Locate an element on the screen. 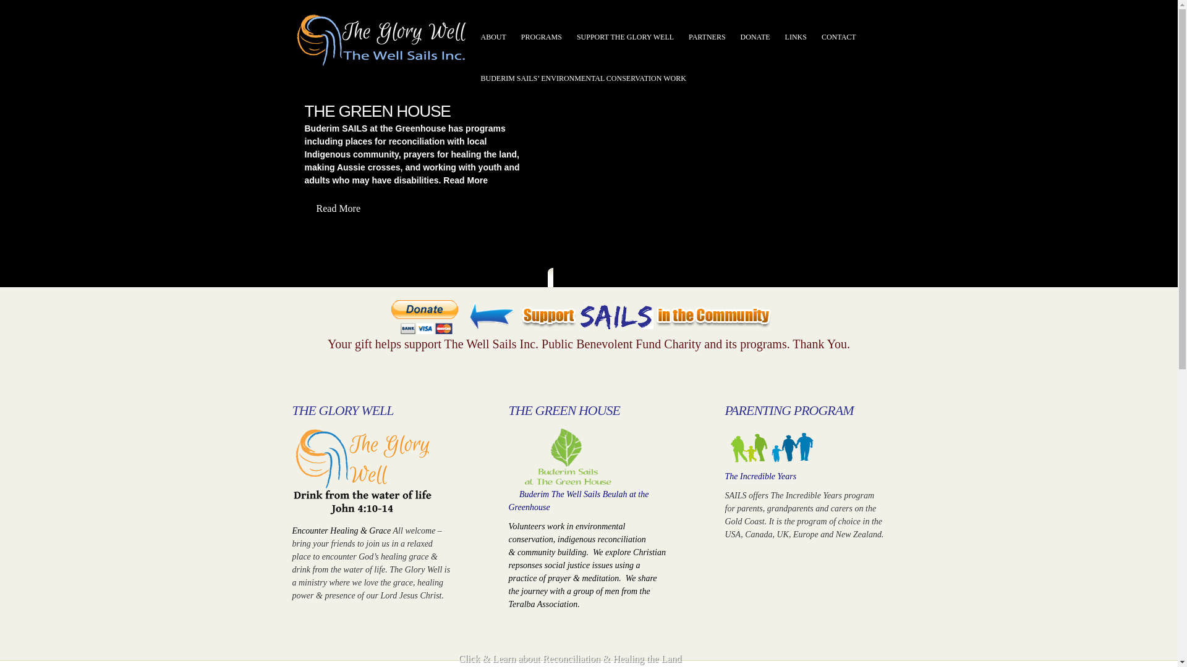 The width and height of the screenshot is (1187, 667). 'Buderim The Well Sails Beulah at the Greenhouse' is located at coordinates (577, 500).